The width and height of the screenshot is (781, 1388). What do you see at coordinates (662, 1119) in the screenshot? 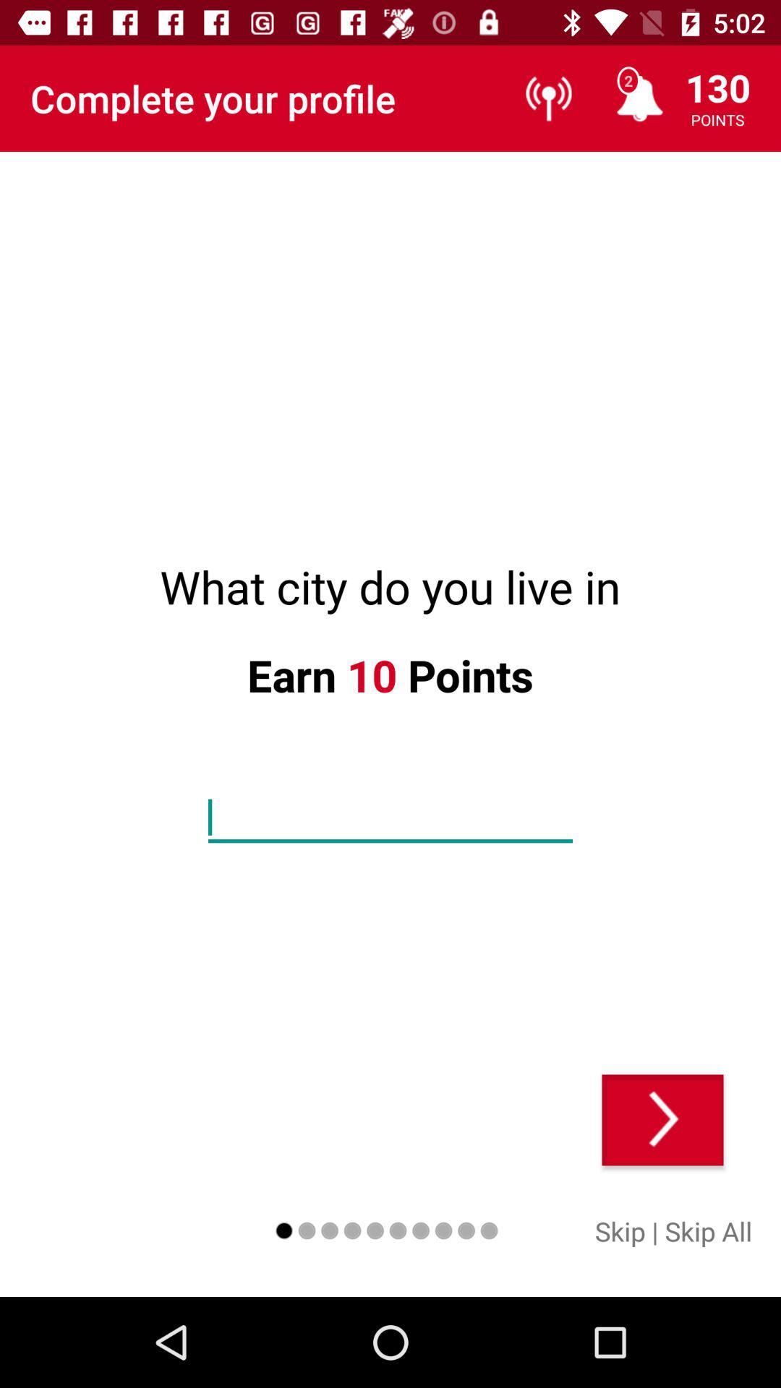
I see `go next icon` at bounding box center [662, 1119].